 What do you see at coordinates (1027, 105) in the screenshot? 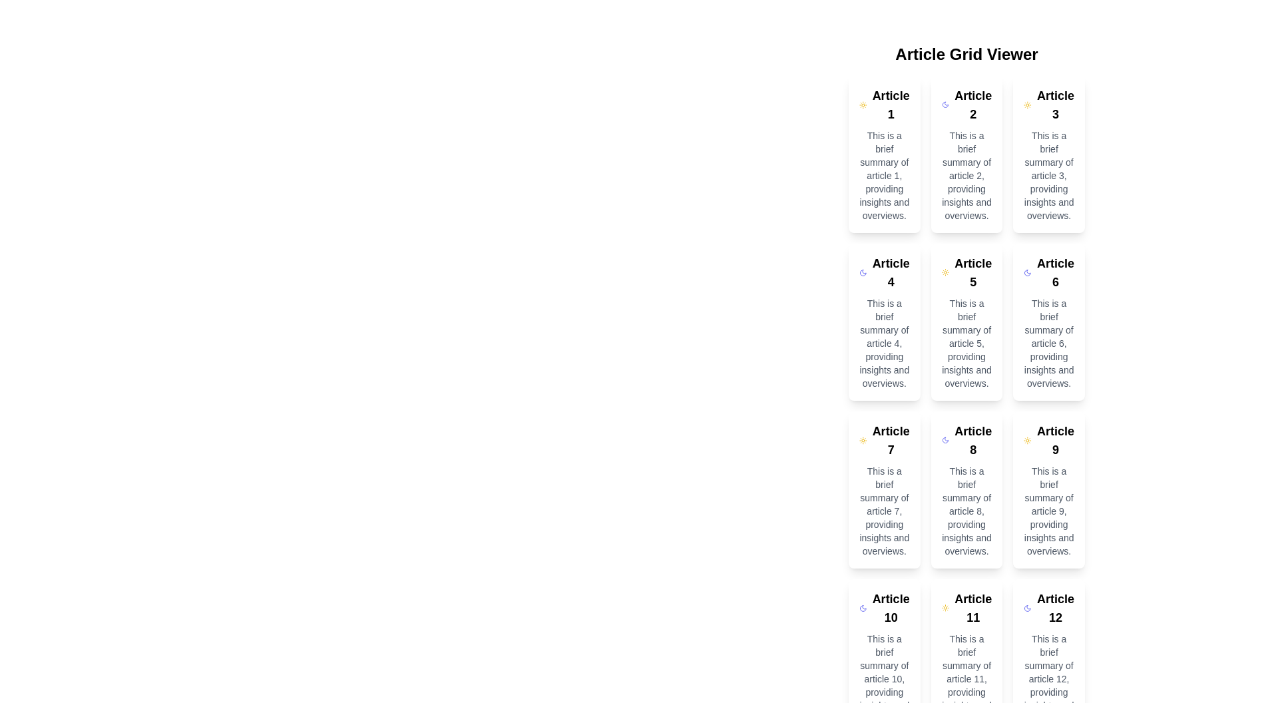
I see `the decorative icon located in the header section of the third article, which is positioned directly to the left of the text 'Article 3'` at bounding box center [1027, 105].